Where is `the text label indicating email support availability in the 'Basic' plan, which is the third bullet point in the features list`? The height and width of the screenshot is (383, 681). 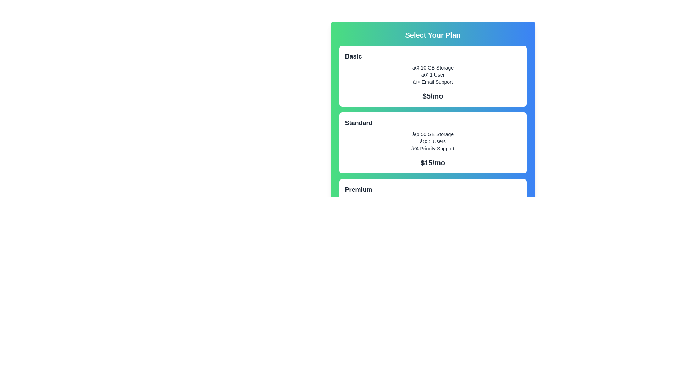
the text label indicating email support availability in the 'Basic' plan, which is the third bullet point in the features list is located at coordinates (432, 82).